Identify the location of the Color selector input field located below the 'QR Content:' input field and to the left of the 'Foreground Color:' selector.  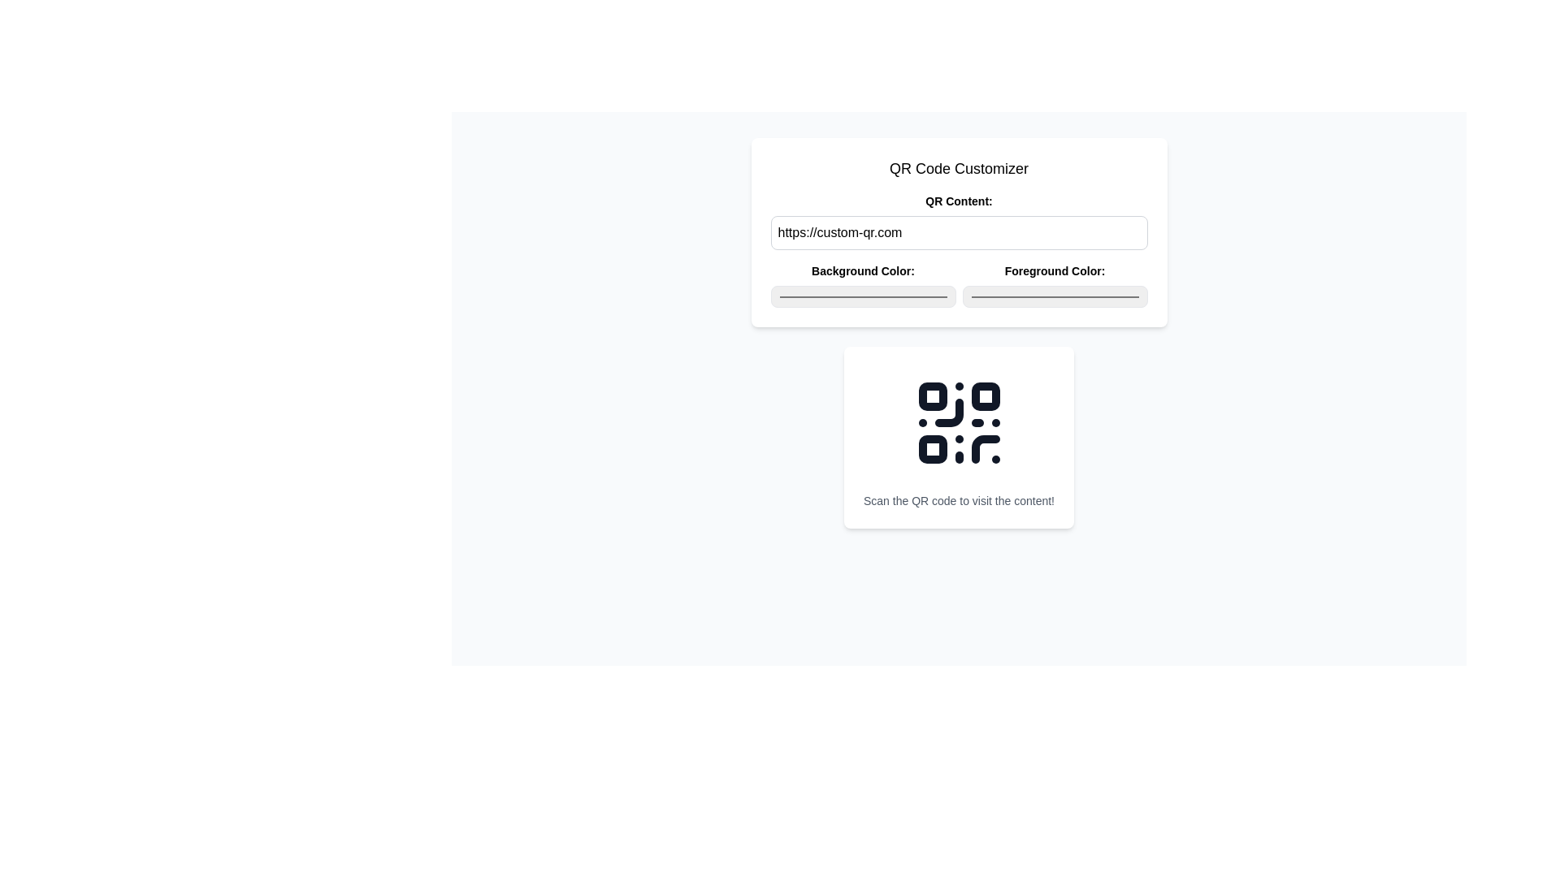
(862, 284).